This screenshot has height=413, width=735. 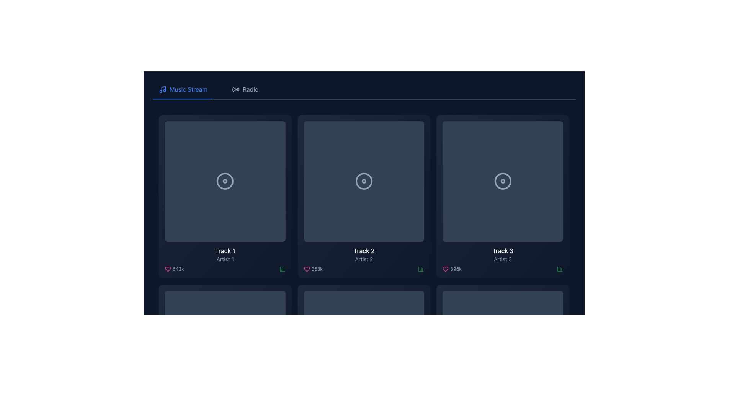 What do you see at coordinates (363, 181) in the screenshot?
I see `the Circular icon located in the second tile of the music track grid, which features two circular outlines and is labeled 'Track 2'` at bounding box center [363, 181].